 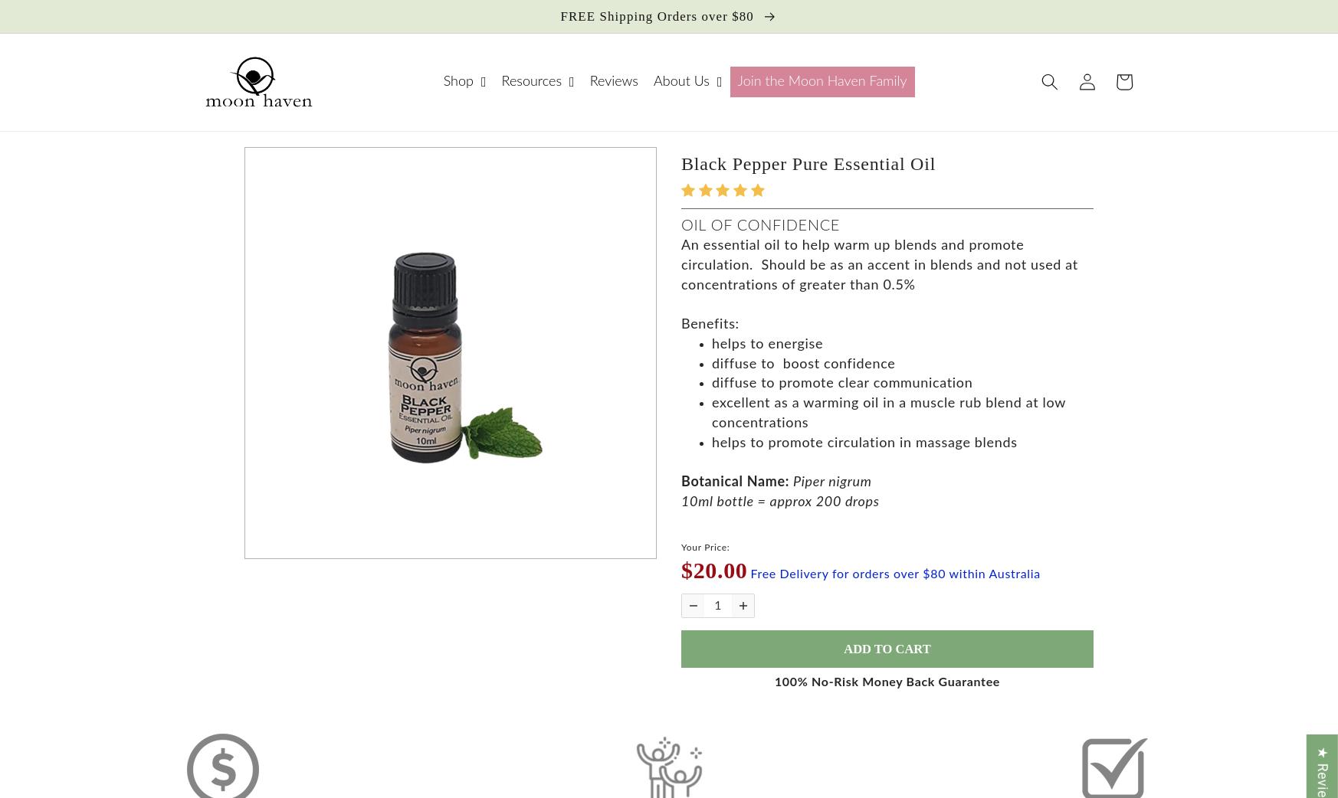 I want to click on 'Skin & Body Care', so click(x=430, y=254).